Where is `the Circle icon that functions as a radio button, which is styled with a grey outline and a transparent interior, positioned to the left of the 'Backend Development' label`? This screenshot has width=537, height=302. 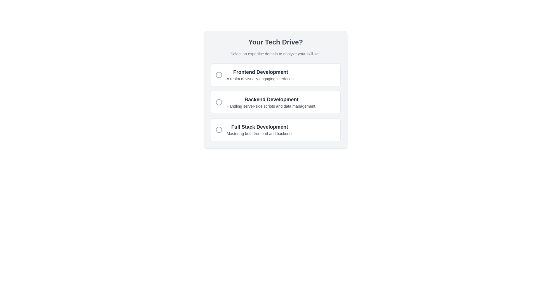
the Circle icon that functions as a radio button, which is styled with a grey outline and a transparent interior, positioned to the left of the 'Backend Development' label is located at coordinates (218, 102).